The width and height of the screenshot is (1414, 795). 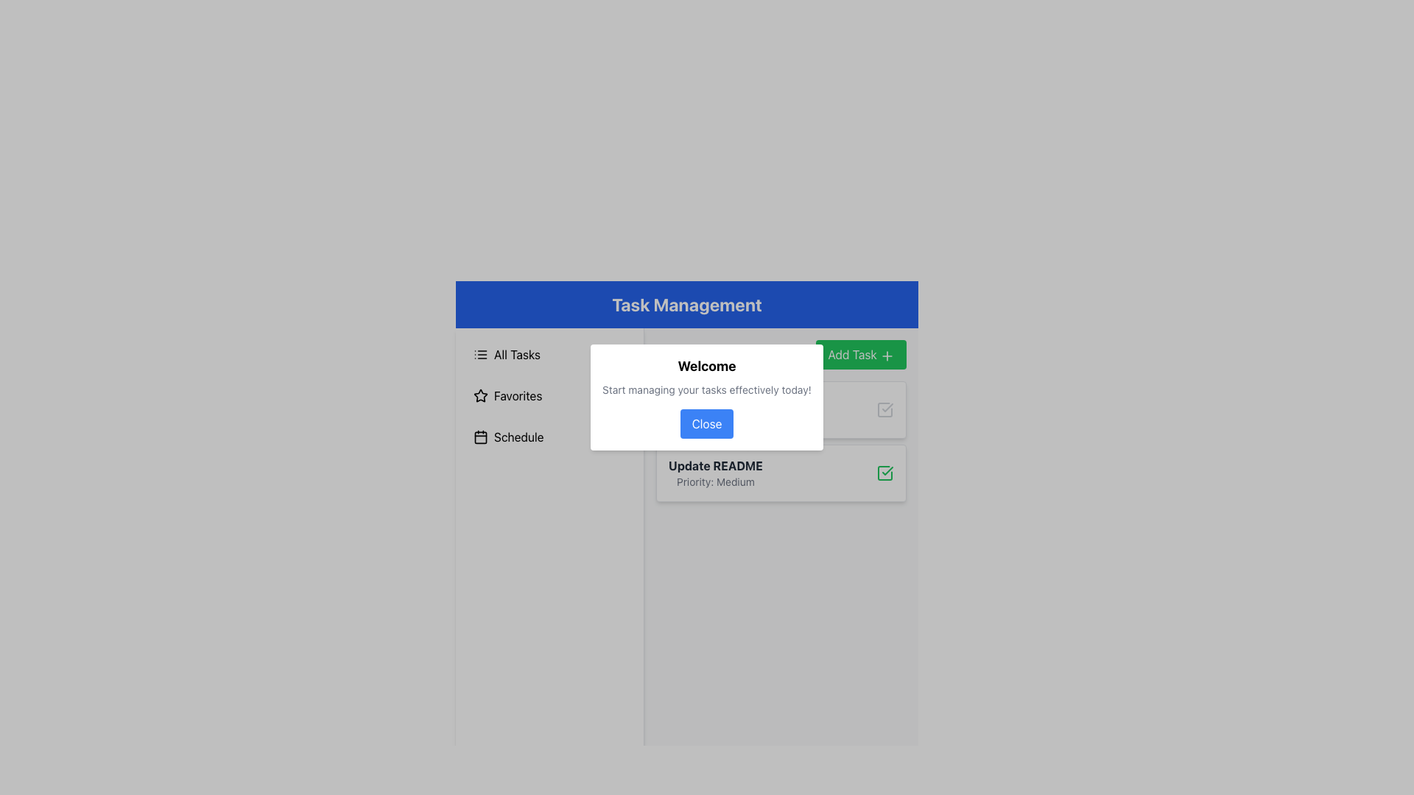 What do you see at coordinates (480, 437) in the screenshot?
I see `the Decorative component of the calendar icon, which is located to the left of the 'Schedule' label in the navigation menu` at bounding box center [480, 437].